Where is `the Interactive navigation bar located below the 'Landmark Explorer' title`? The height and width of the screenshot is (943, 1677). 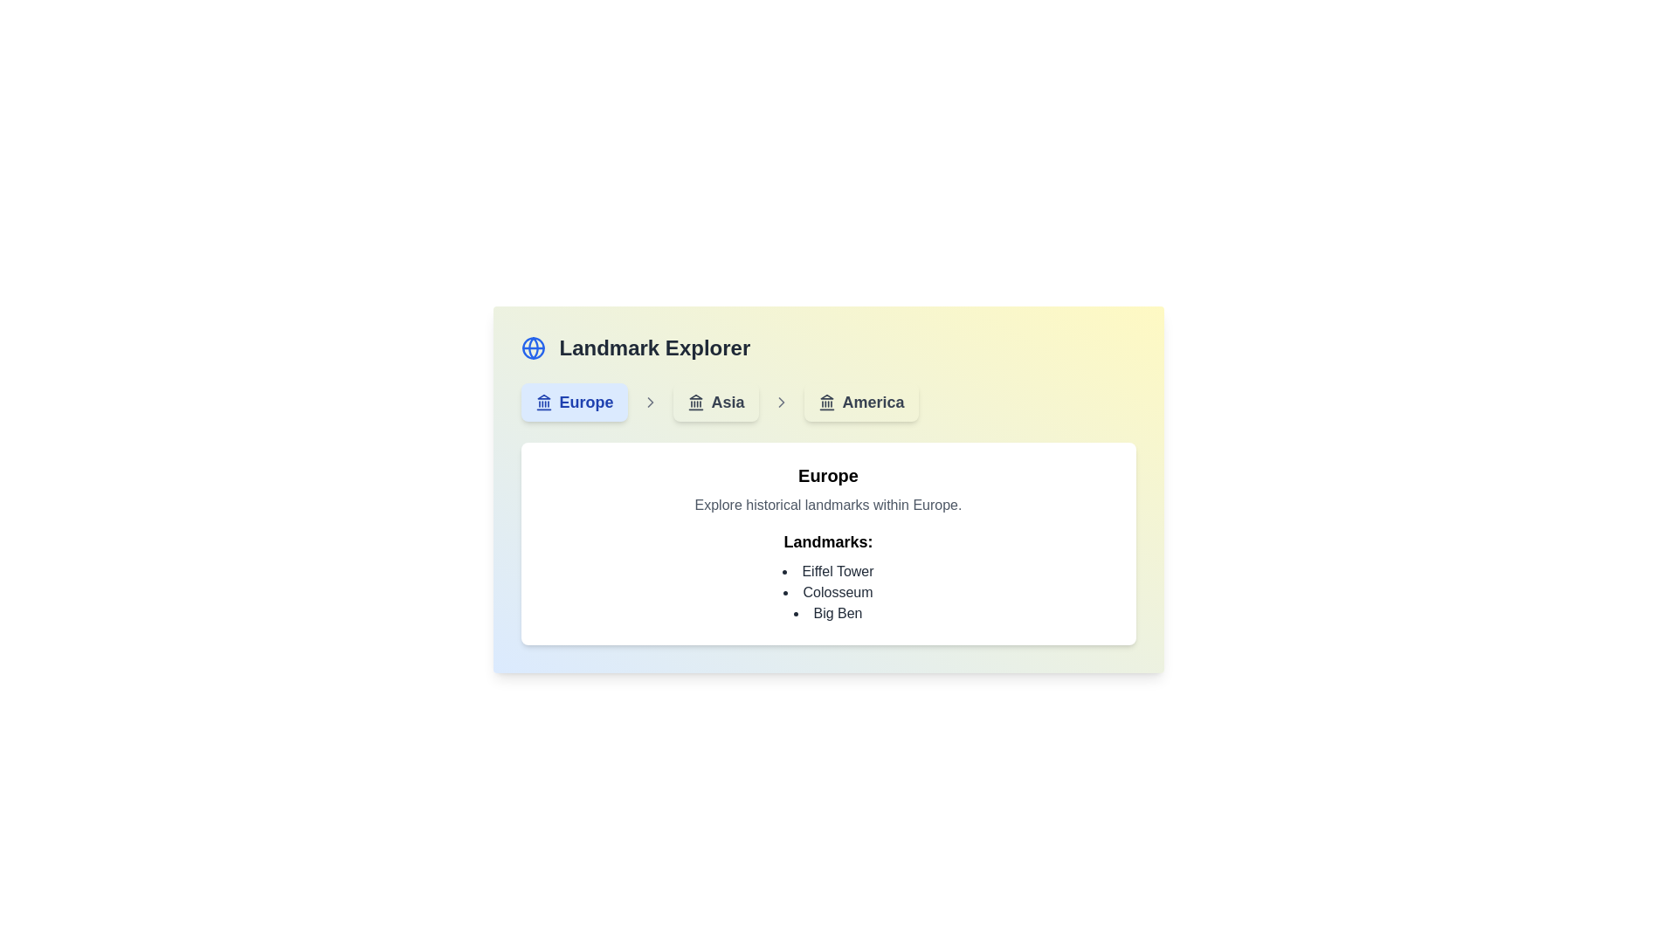
the Interactive navigation bar located below the 'Landmark Explorer' title is located at coordinates (827, 403).